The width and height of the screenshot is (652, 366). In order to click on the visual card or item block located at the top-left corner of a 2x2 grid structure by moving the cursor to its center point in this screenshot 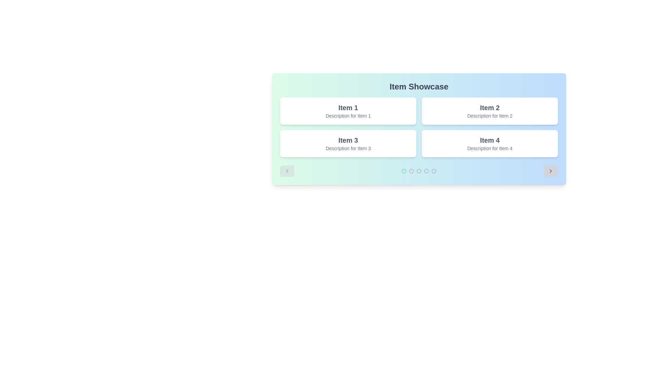, I will do `click(348, 110)`.